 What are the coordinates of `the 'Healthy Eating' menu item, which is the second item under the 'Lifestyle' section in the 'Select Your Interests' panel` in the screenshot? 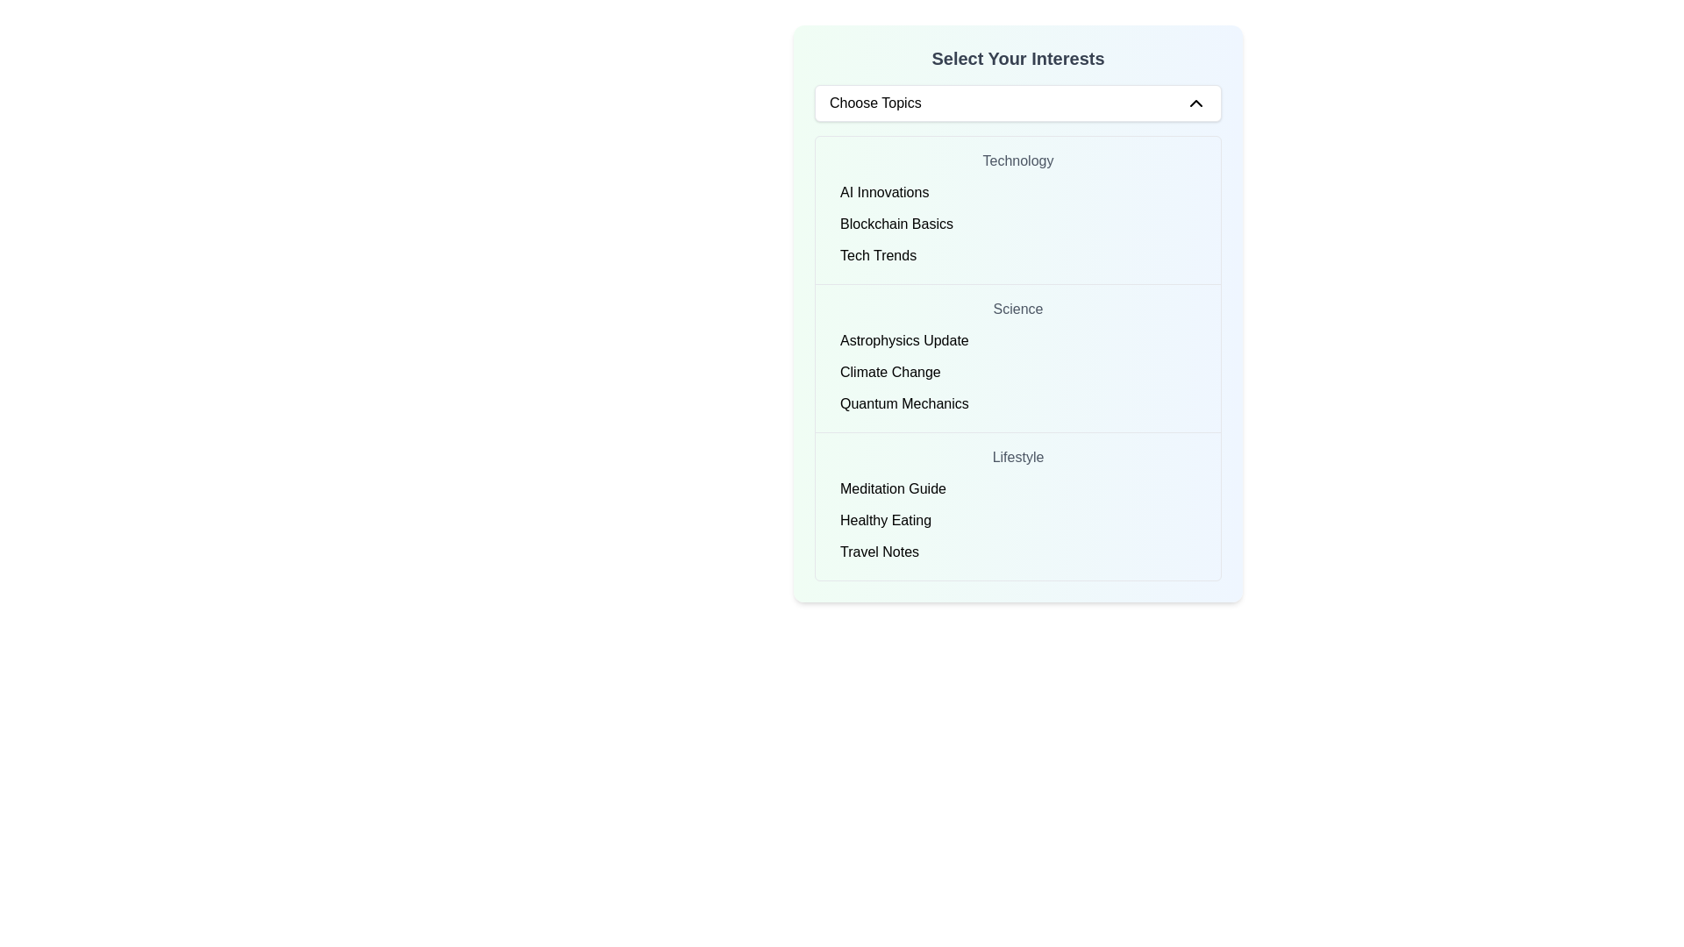 It's located at (886, 520).